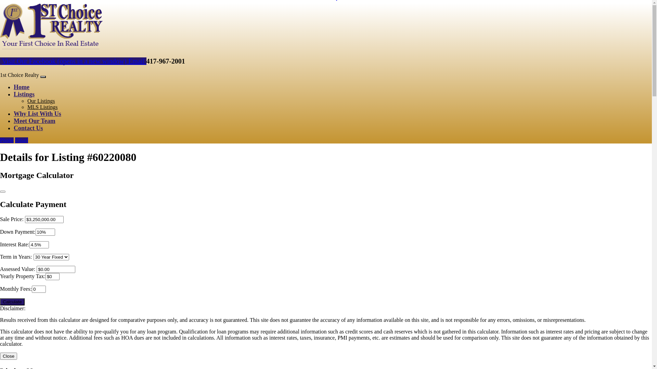 This screenshot has width=657, height=369. What do you see at coordinates (37, 113) in the screenshot?
I see `'Why List With Us'` at bounding box center [37, 113].